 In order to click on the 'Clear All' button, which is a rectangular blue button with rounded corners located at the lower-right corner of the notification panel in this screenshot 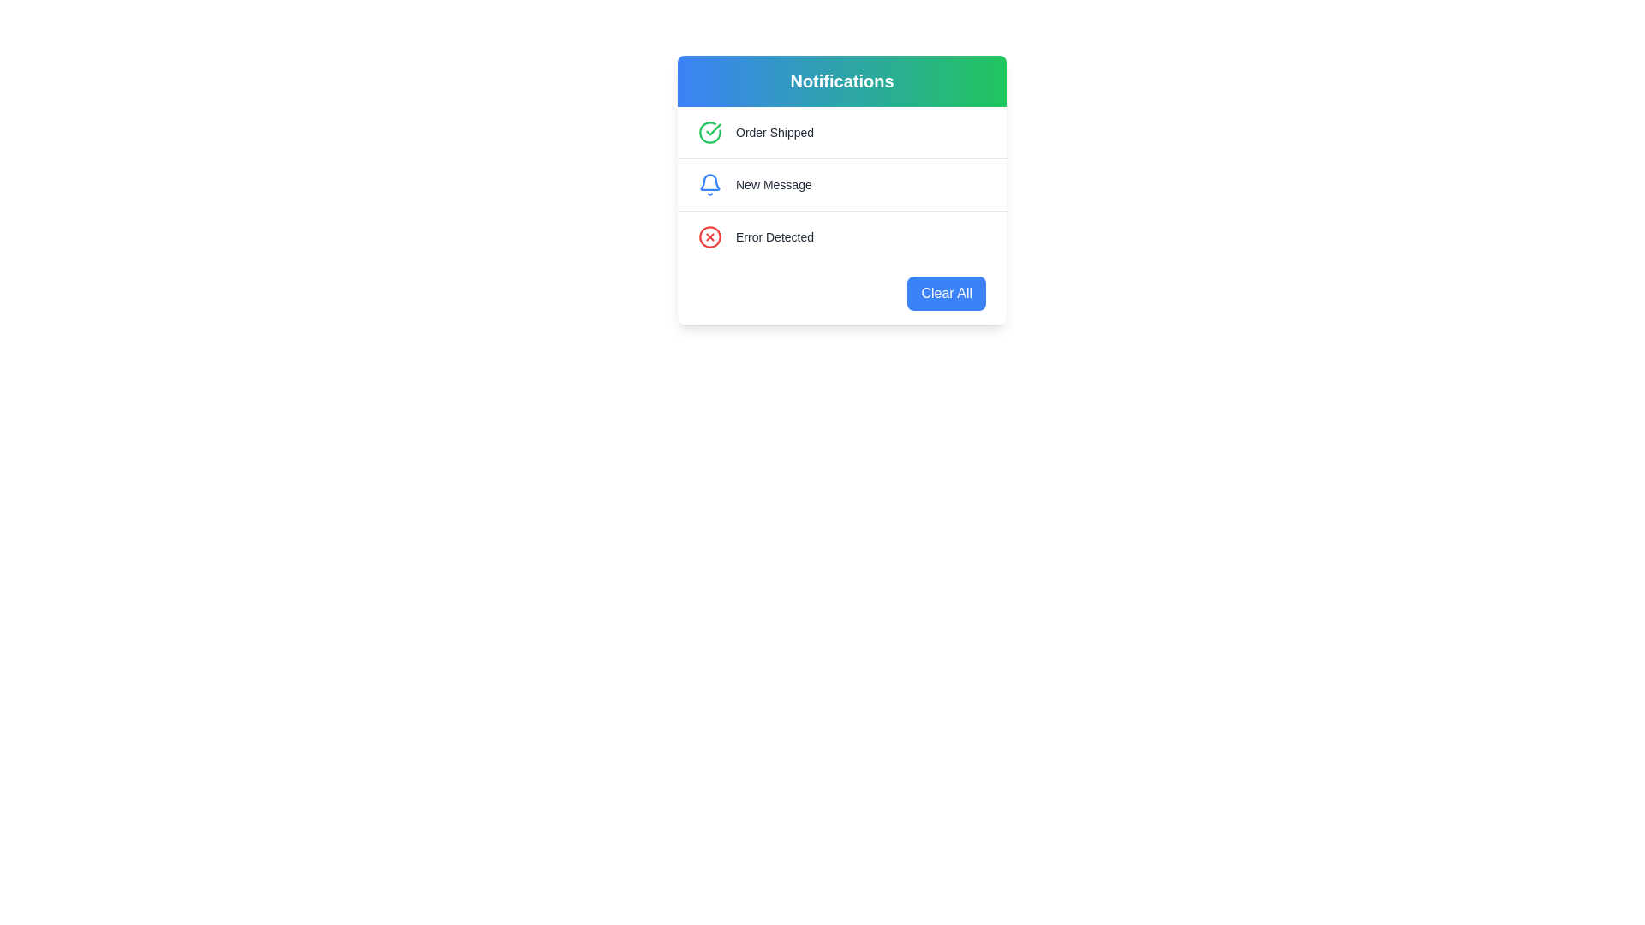, I will do `click(946, 293)`.